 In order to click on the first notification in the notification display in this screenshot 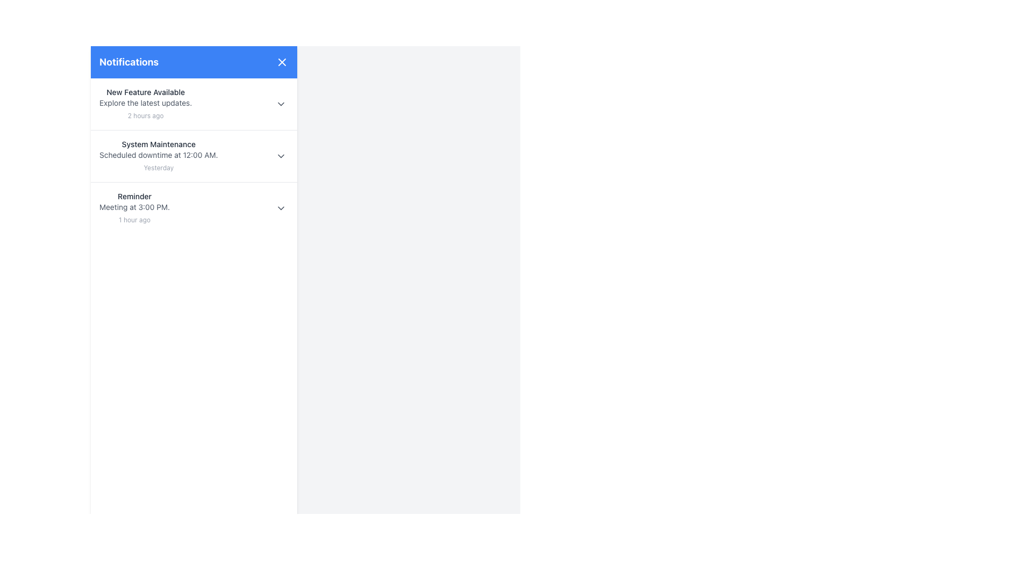, I will do `click(145, 104)`.